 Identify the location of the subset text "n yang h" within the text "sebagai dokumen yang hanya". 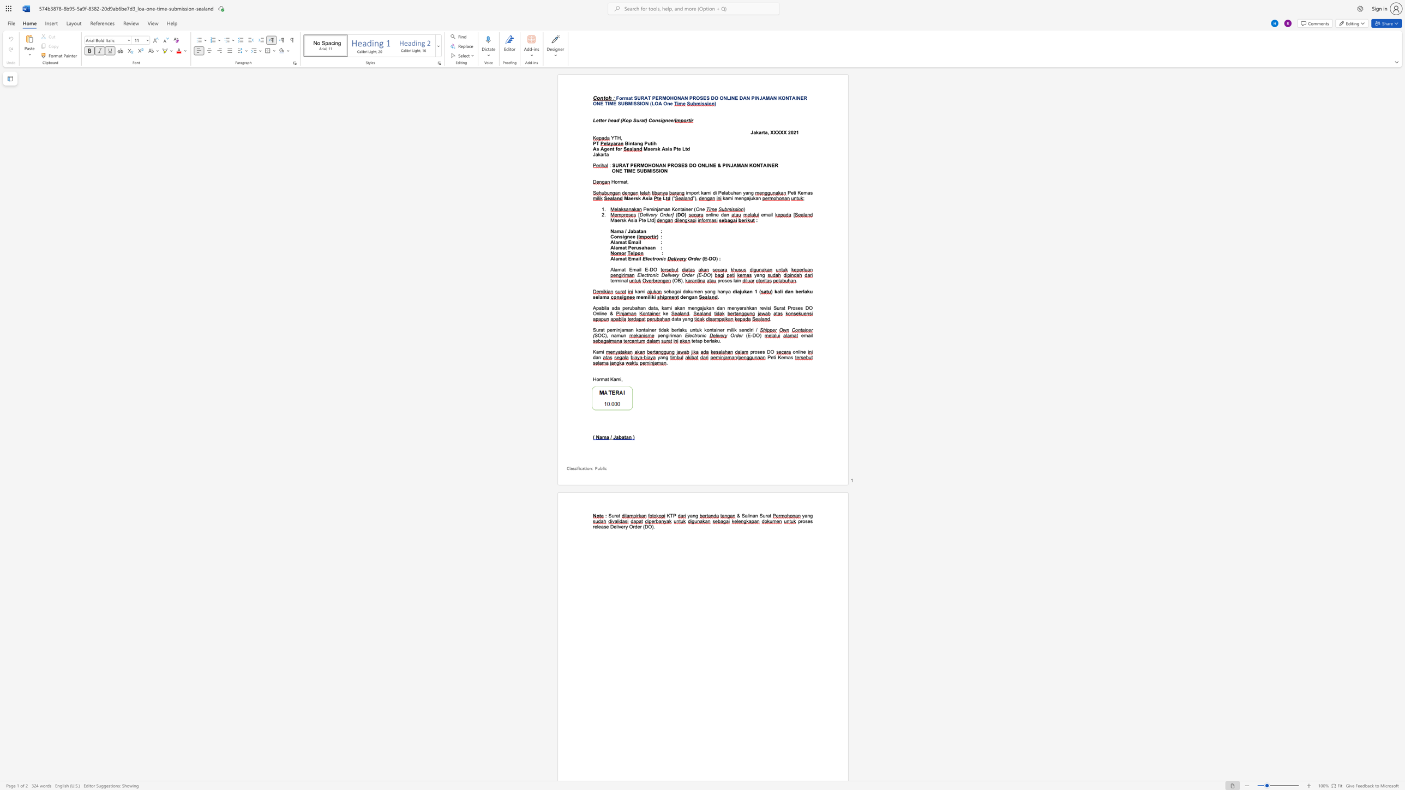
(700, 291).